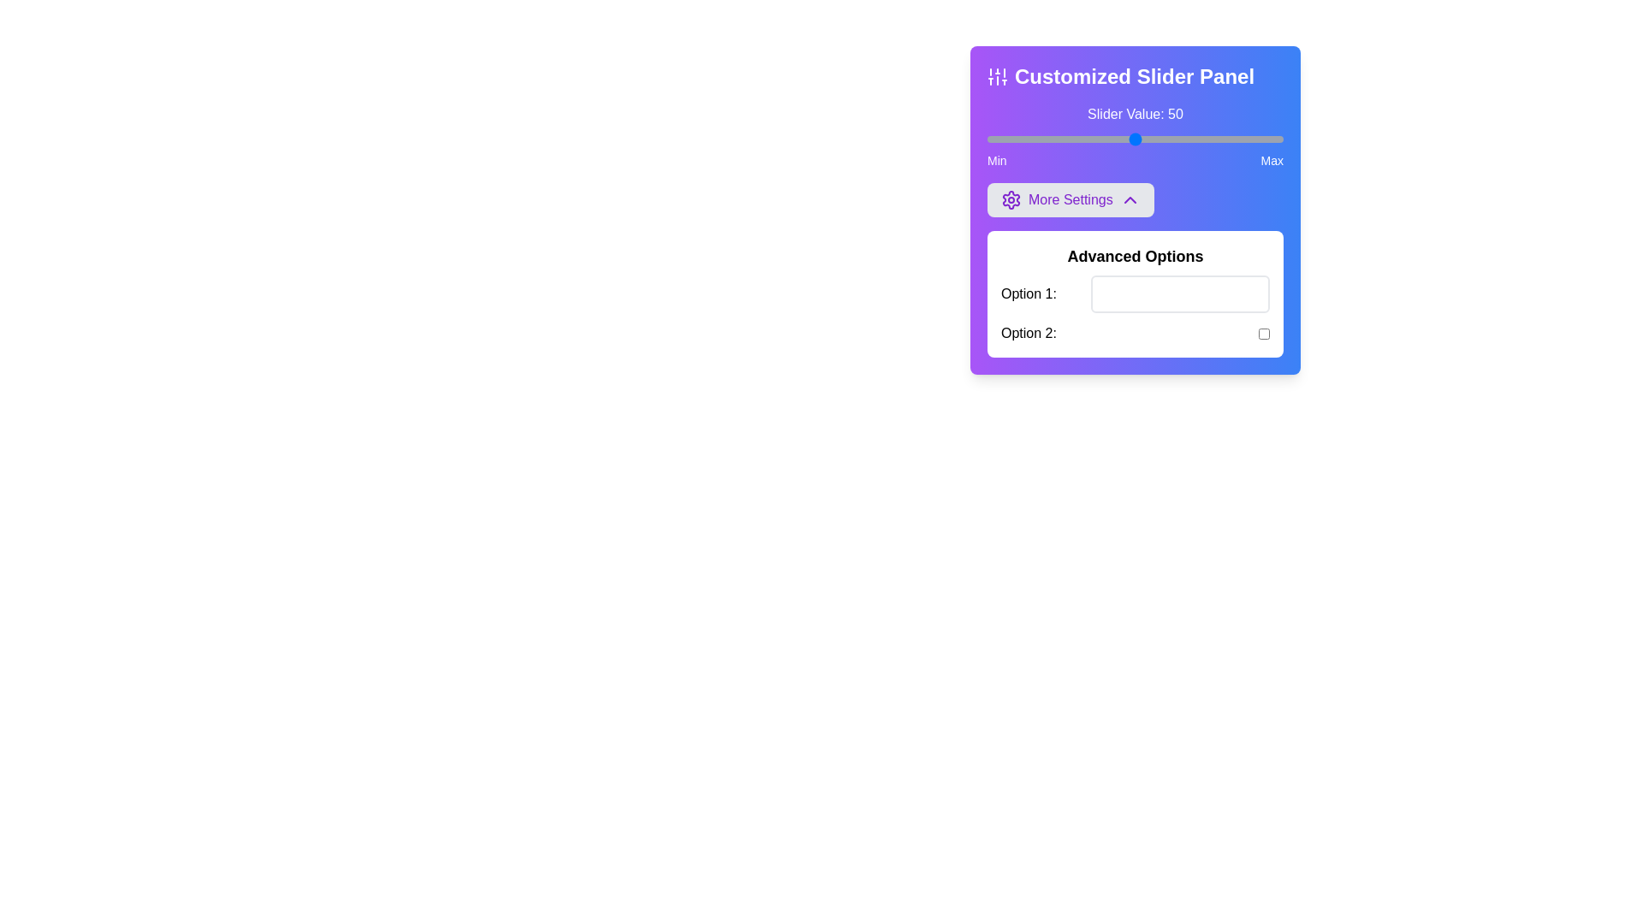  Describe the element at coordinates (1135, 333) in the screenshot. I see `the checkbox for 'Option 2' in the 'Advanced Options' section to check or uncheck it` at that location.